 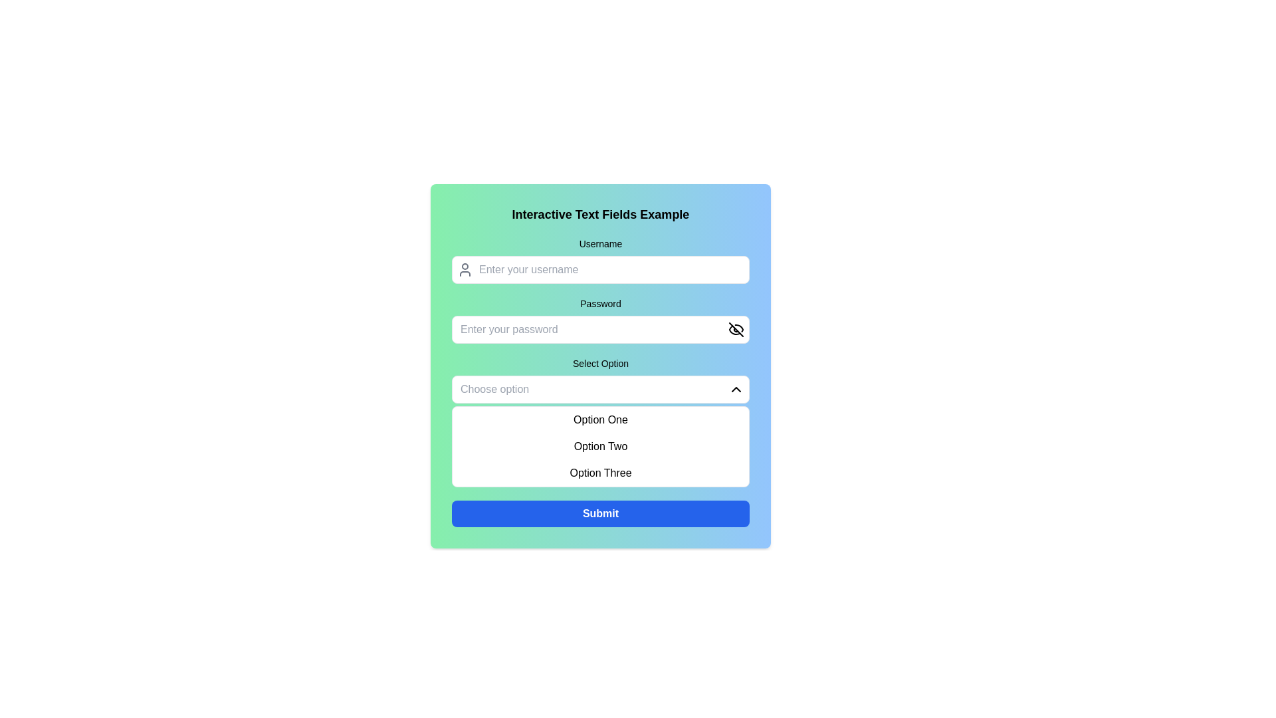 I want to click on the dropdown menu option labeled 'Option Three', so click(x=599, y=473).